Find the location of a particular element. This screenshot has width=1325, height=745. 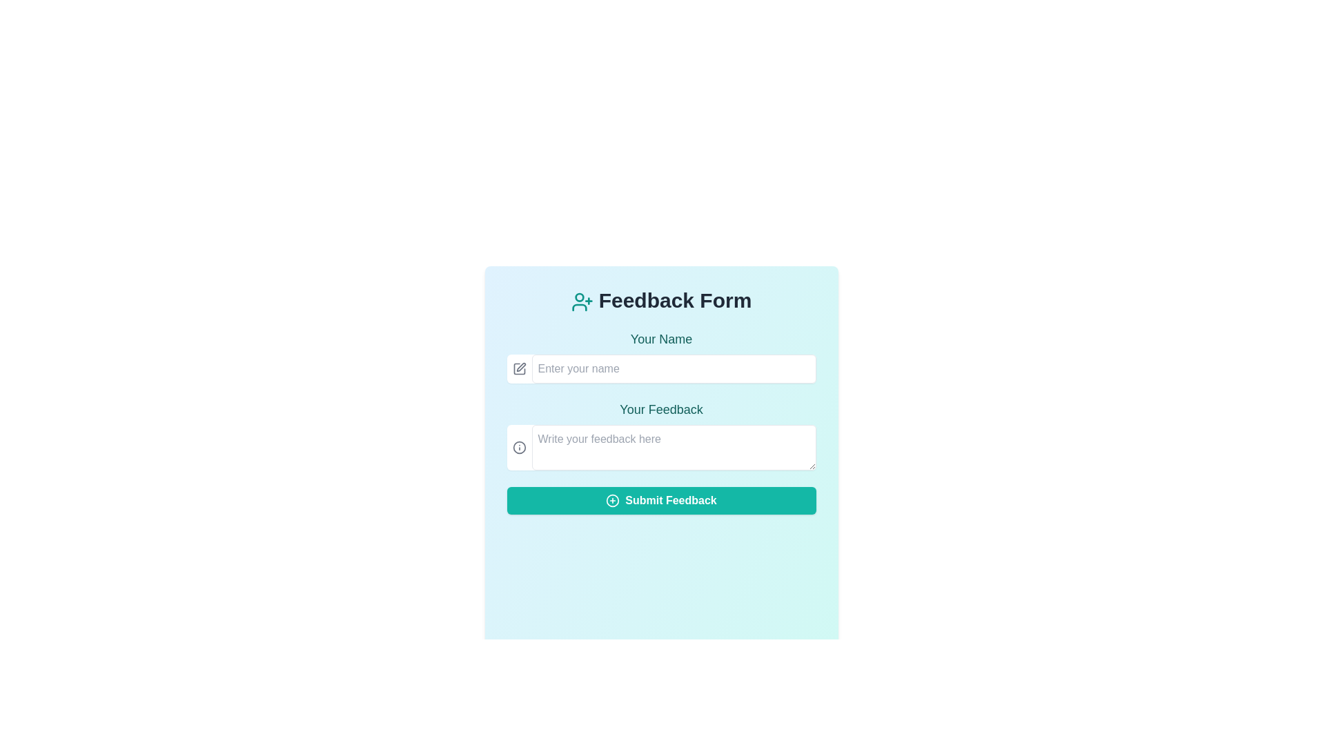

the informational or status indicator icon located to the left of the 'Your Feedback' text input field in the feedback form interface is located at coordinates (518, 448).